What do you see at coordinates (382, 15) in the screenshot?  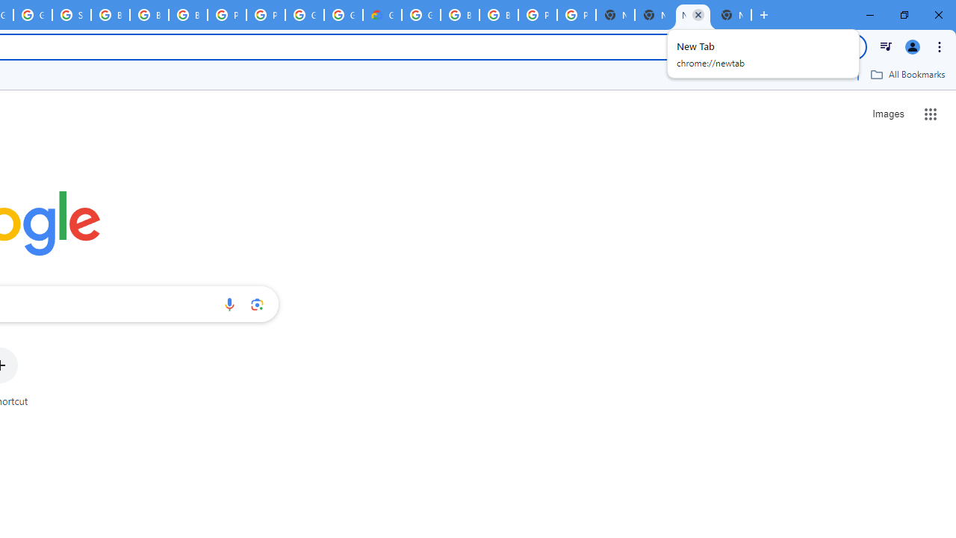 I see `'Google Cloud Estimate Summary'` at bounding box center [382, 15].